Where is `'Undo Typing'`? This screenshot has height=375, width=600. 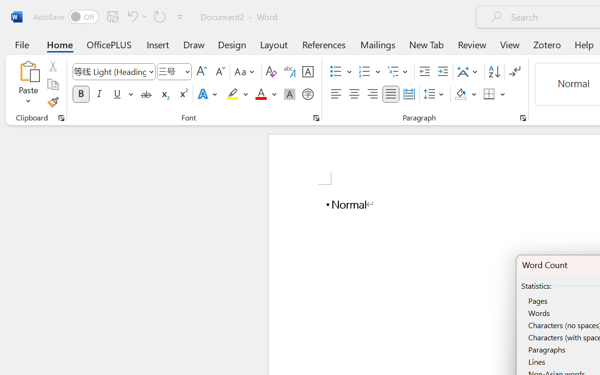
'Undo Typing' is located at coordinates (131, 16).